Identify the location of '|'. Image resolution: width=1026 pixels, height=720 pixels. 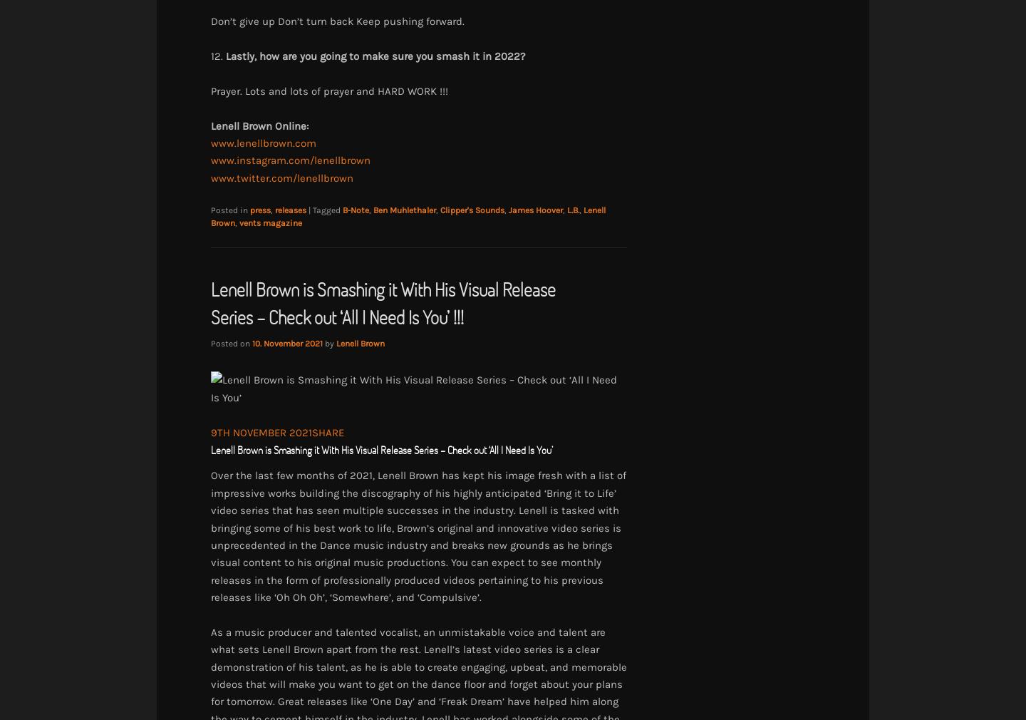
(311, 210).